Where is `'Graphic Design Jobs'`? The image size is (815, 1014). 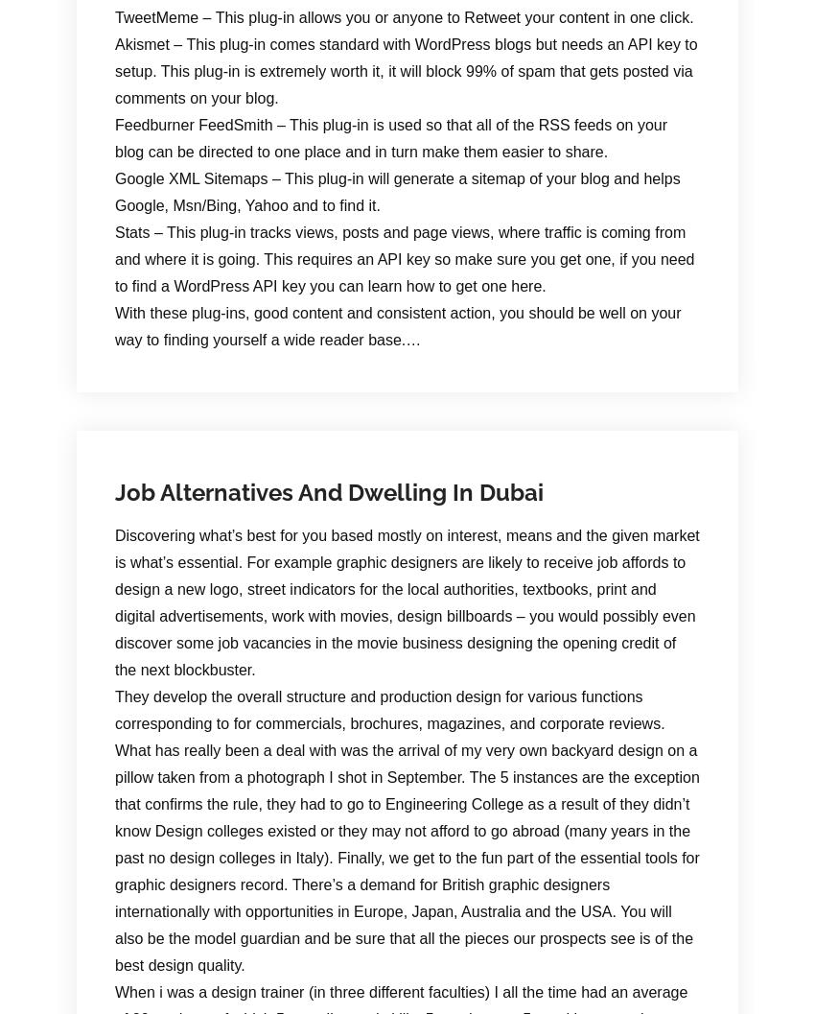 'Graphic Design Jobs' is located at coordinates (441, 338).